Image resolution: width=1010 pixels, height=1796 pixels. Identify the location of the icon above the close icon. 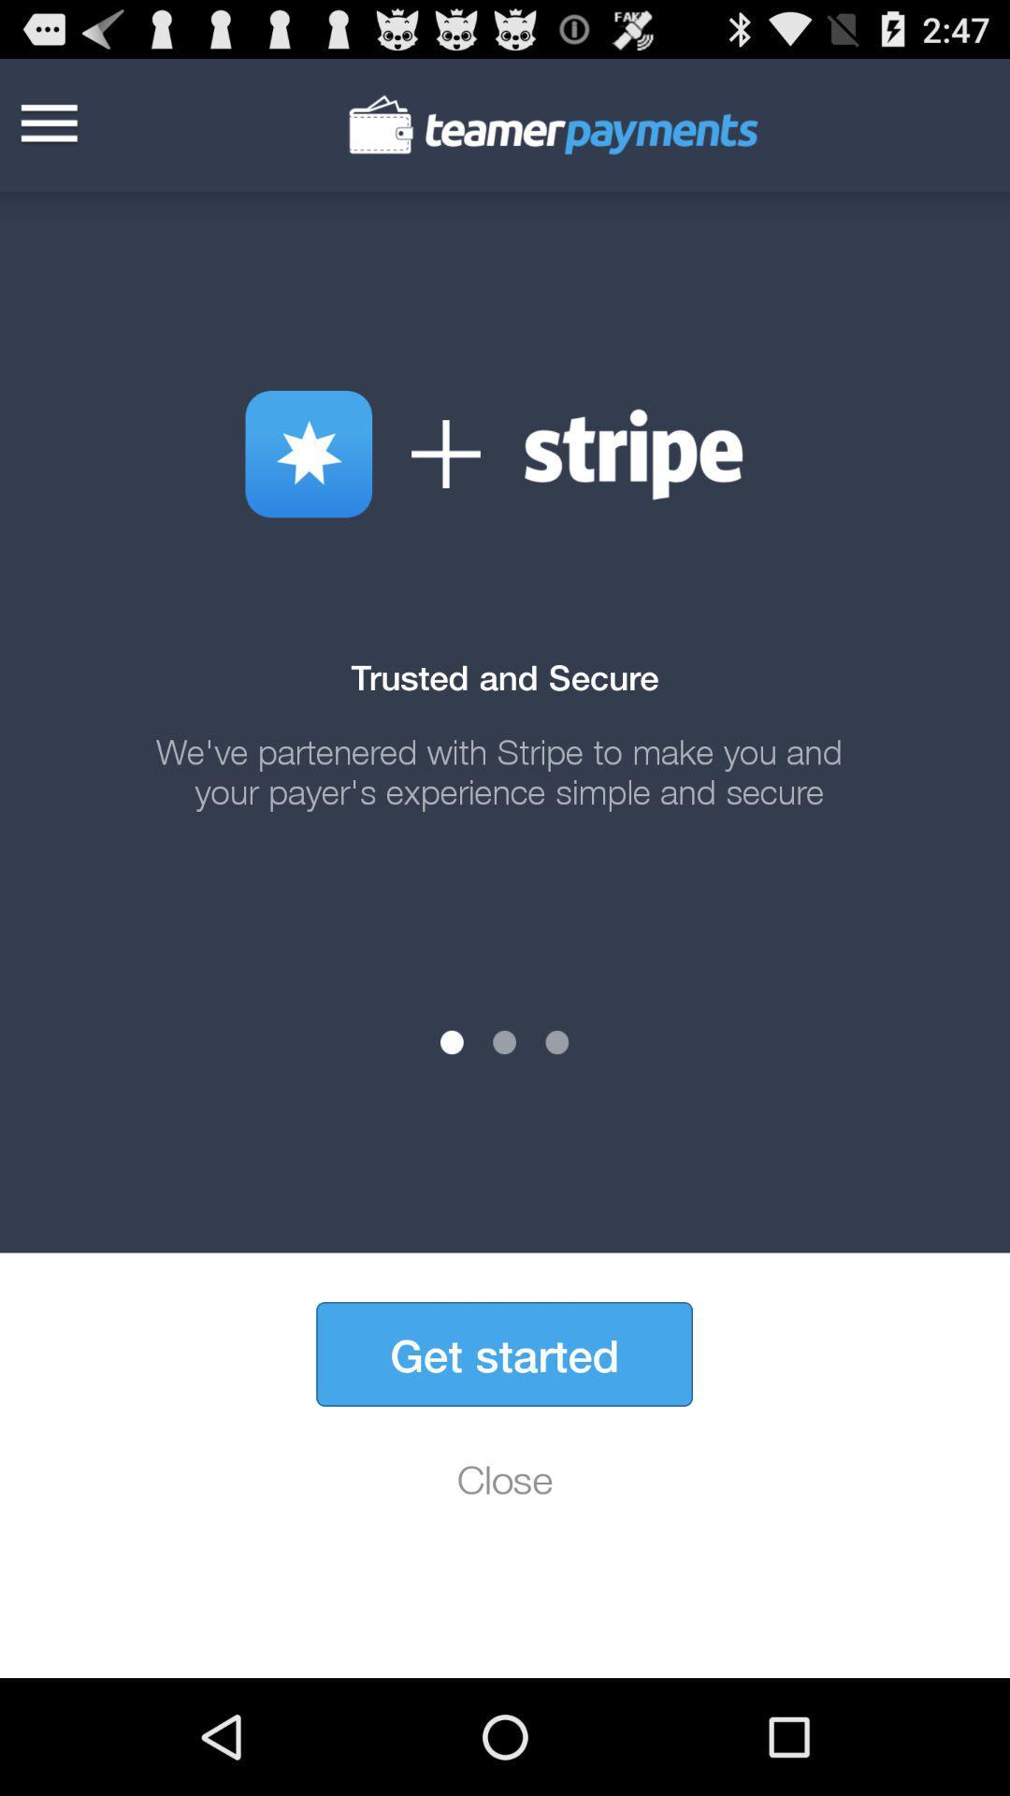
(503, 1354).